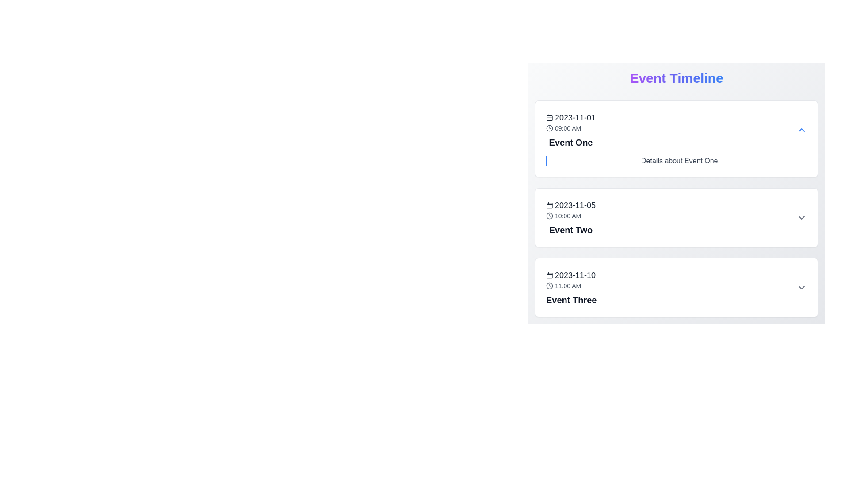 The height and width of the screenshot is (478, 849). I want to click on the static text block that reads 'Details about Event One.', which is styled with a left vertical blue border and is located inside the panel for 'Event One', so click(676, 161).